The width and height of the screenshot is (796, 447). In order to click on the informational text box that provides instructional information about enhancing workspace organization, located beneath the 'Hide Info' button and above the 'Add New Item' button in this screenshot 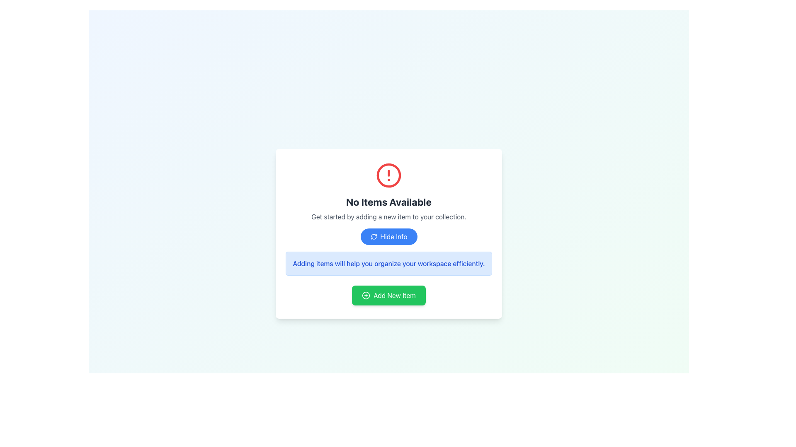, I will do `click(388, 263)`.